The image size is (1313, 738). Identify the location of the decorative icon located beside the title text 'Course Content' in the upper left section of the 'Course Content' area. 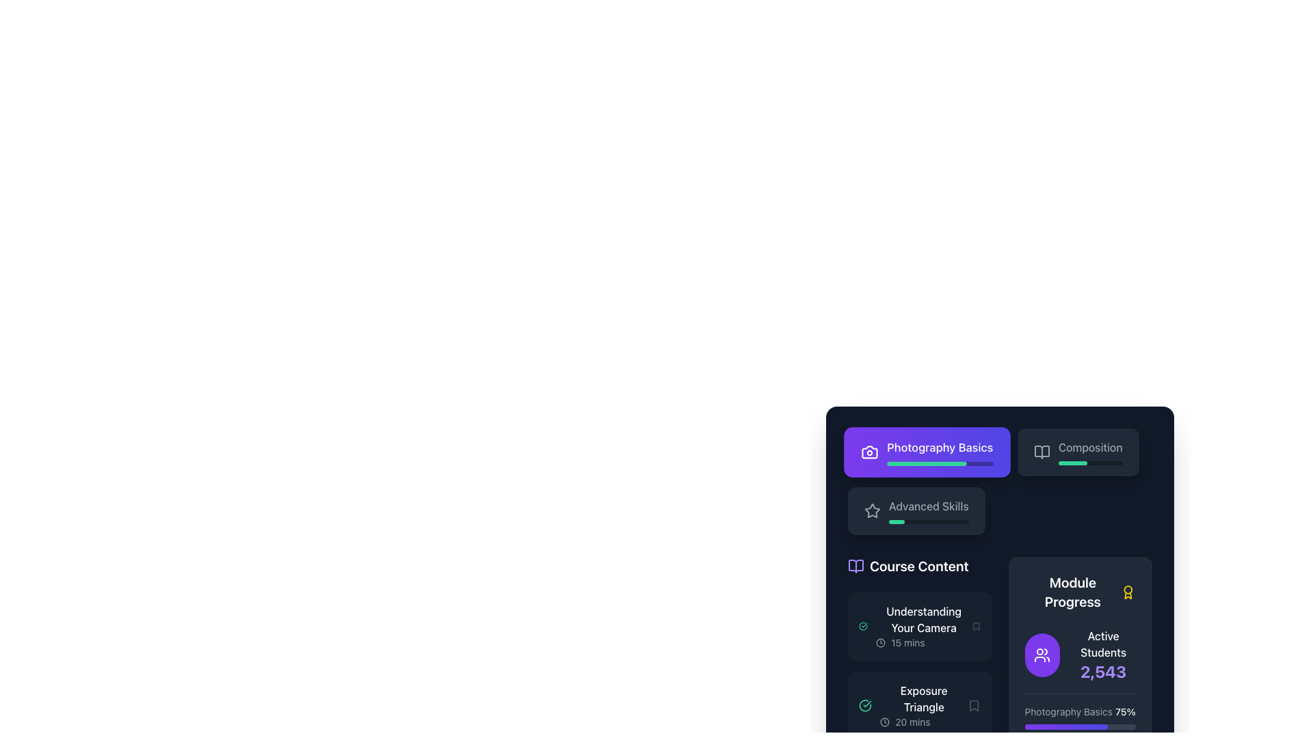
(856, 566).